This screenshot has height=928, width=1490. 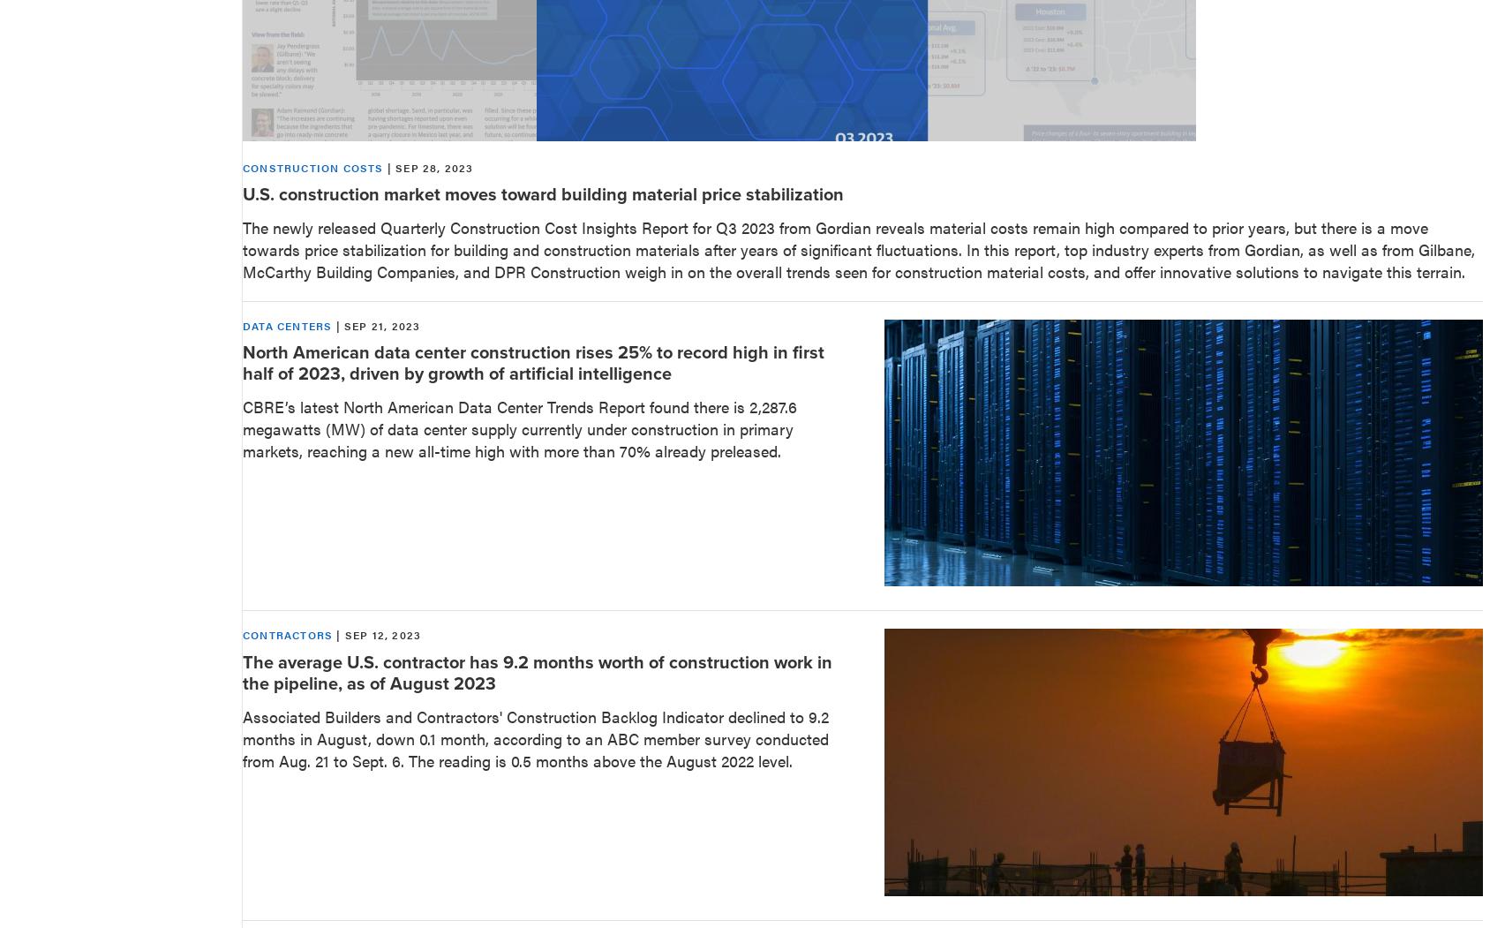 What do you see at coordinates (312, 166) in the screenshot?
I see `'Construction Costs'` at bounding box center [312, 166].